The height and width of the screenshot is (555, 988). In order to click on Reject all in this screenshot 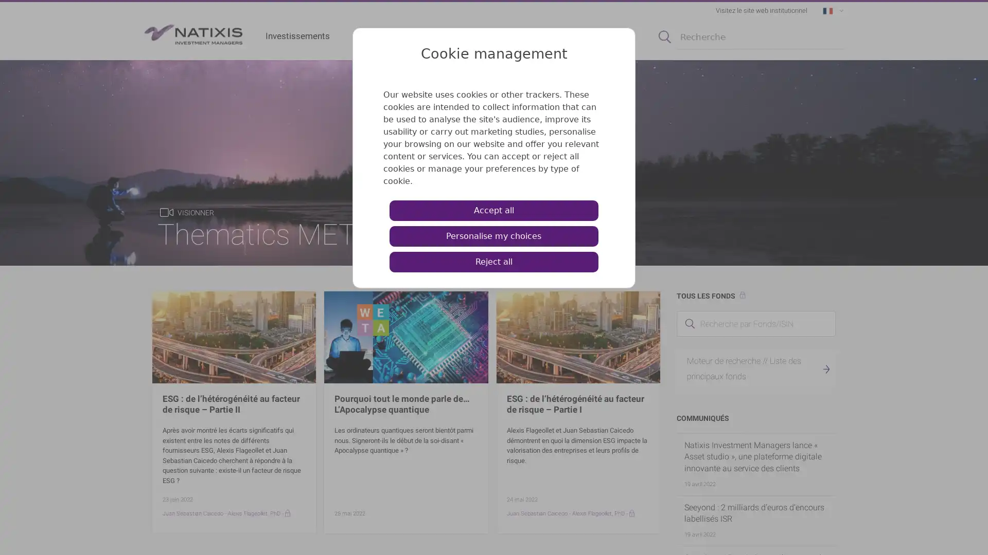, I will do `click(493, 261)`.